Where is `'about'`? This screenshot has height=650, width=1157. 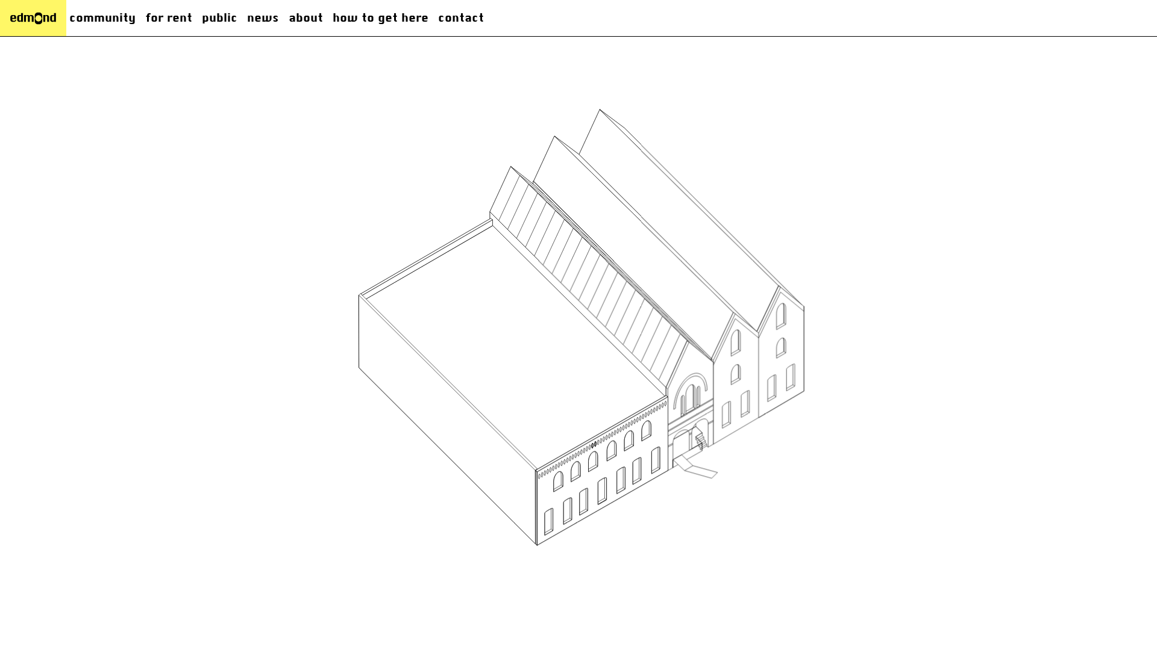 'about' is located at coordinates (306, 18).